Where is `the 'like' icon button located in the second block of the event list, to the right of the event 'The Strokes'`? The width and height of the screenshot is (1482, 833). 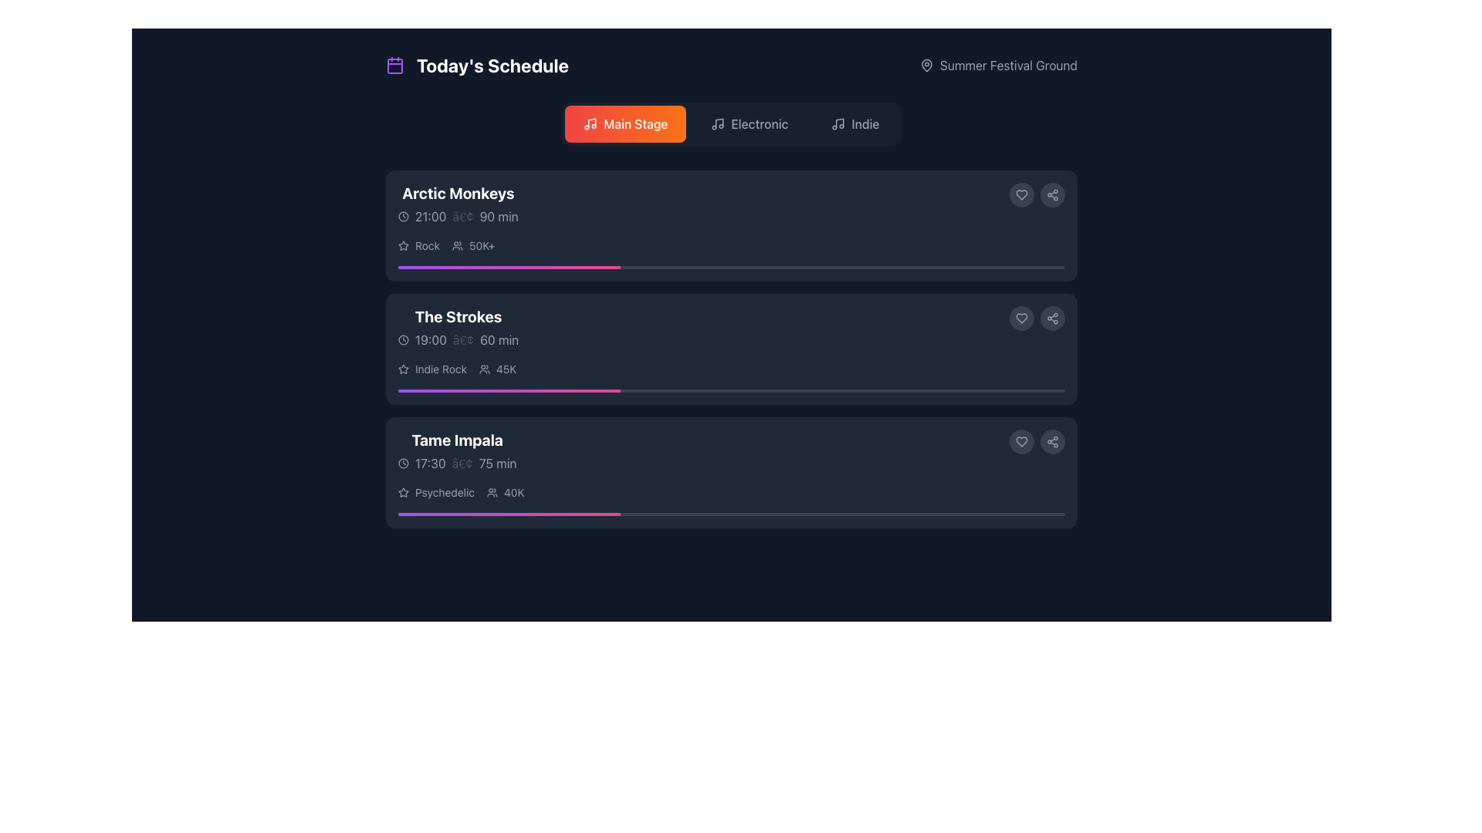 the 'like' icon button located in the second block of the event list, to the right of the event 'The Strokes' is located at coordinates (1022, 317).